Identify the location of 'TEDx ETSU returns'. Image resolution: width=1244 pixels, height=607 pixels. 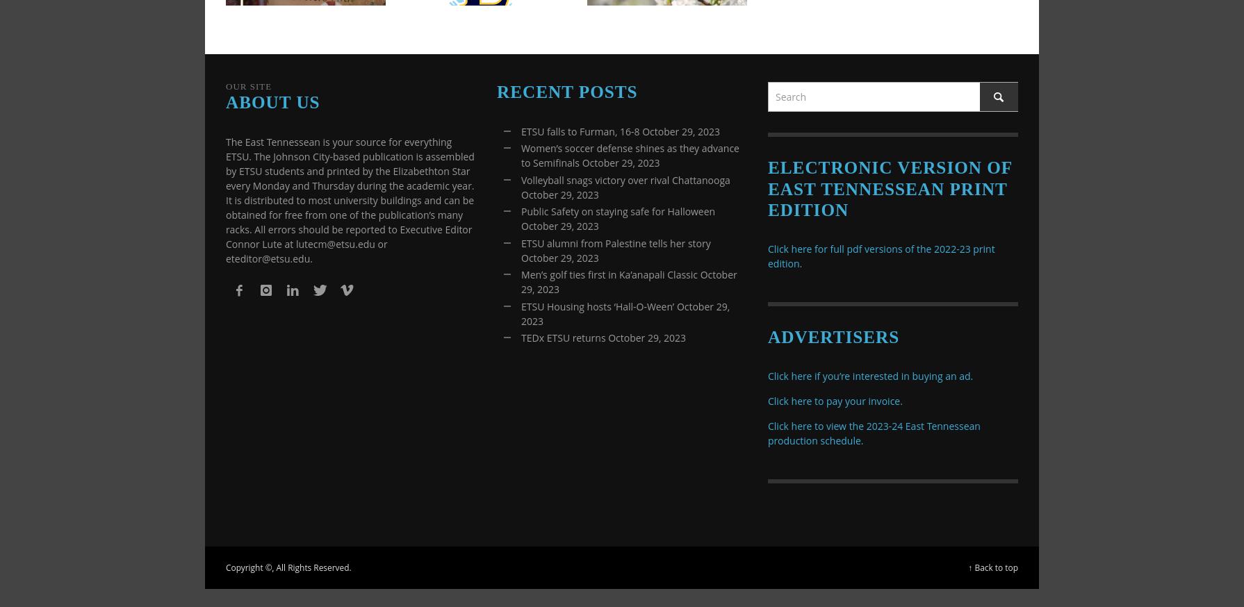
(562, 337).